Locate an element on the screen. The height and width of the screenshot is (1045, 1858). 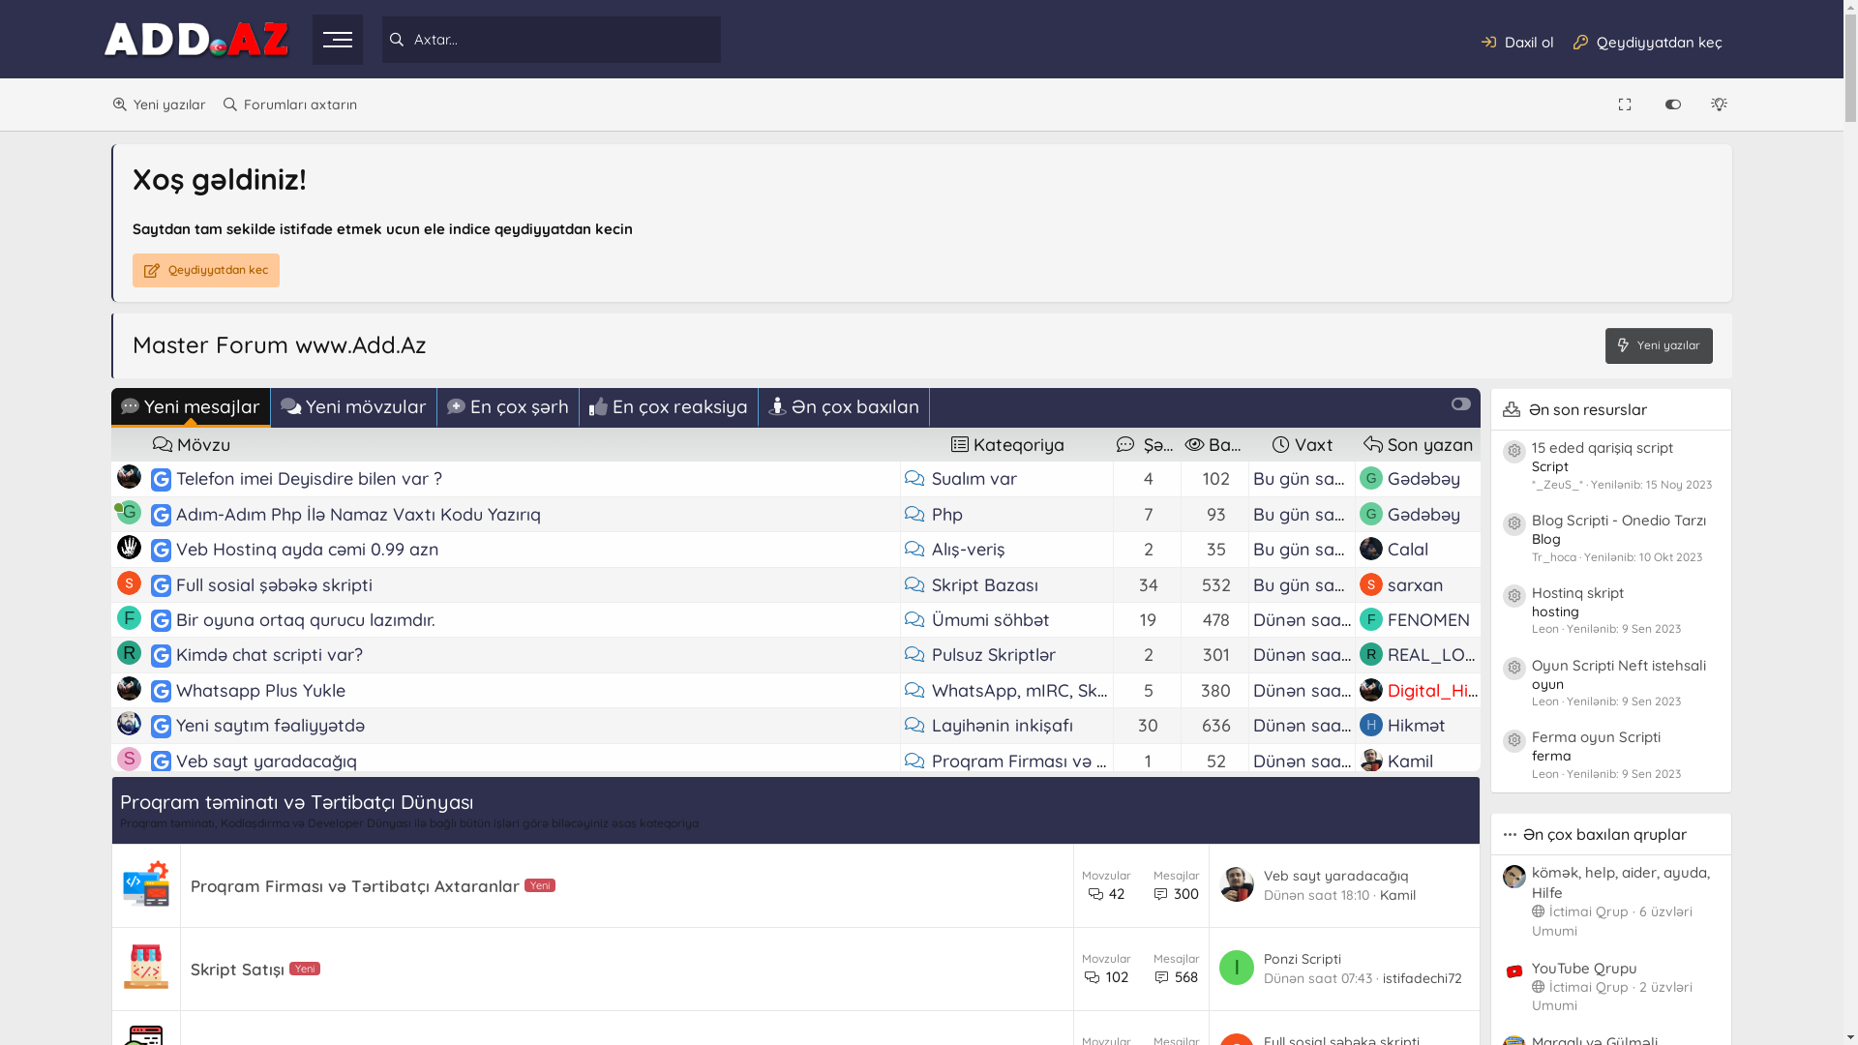
'Umumi' is located at coordinates (1554, 929).